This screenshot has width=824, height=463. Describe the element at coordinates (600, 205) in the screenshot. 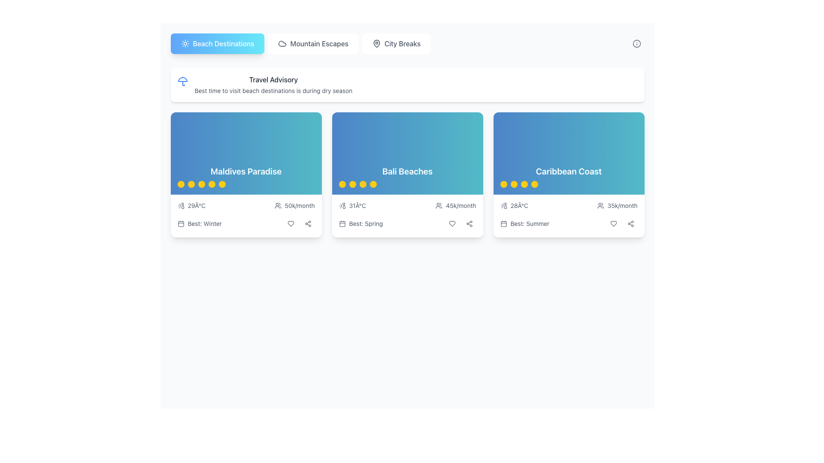

I see `the minimalistic group of users icon located within the 'Caribbean Coast' card, positioned to the left of the '35k/month' text` at that location.